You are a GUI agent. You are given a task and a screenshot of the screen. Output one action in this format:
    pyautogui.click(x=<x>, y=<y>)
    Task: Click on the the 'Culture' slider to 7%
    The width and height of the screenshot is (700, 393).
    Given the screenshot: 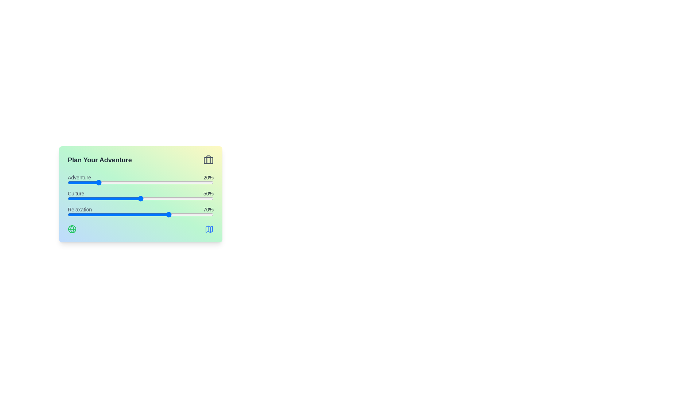 What is the action you would take?
    pyautogui.click(x=78, y=199)
    